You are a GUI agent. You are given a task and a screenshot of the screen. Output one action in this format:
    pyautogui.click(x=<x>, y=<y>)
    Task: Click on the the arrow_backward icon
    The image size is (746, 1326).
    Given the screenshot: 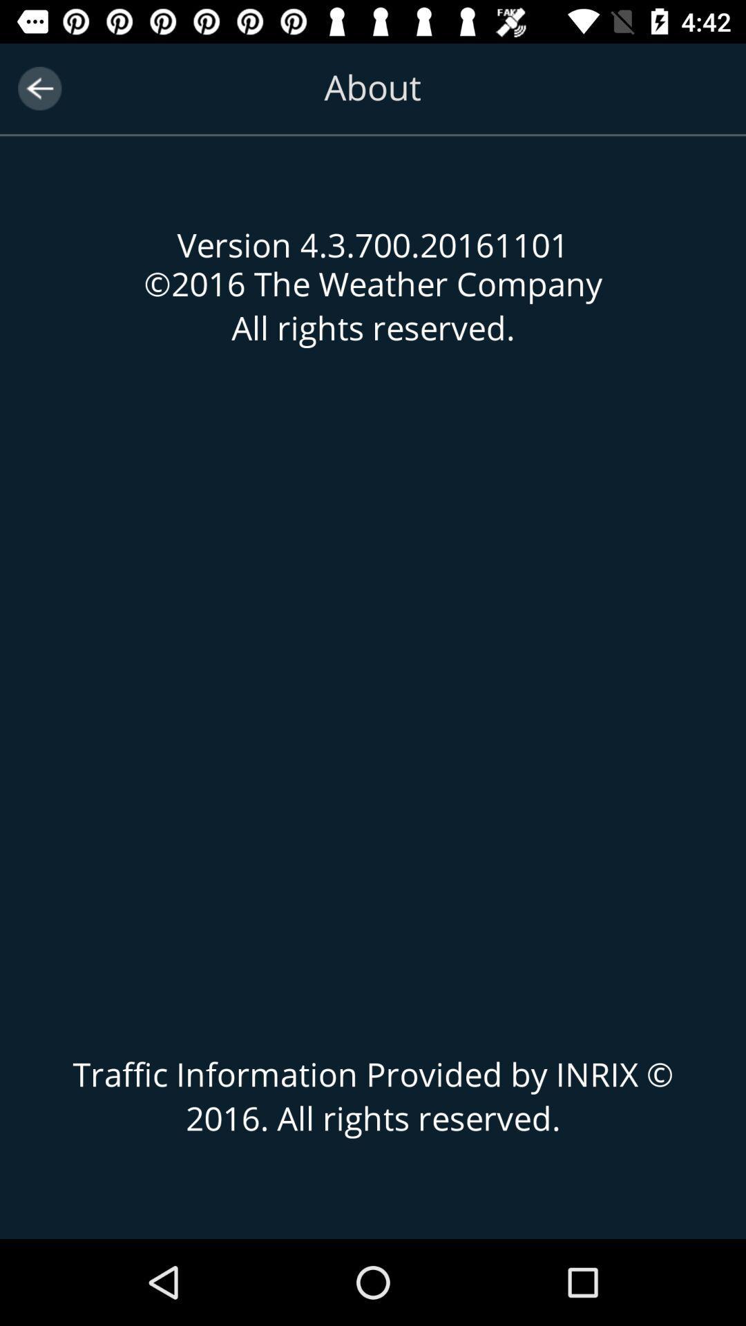 What is the action you would take?
    pyautogui.click(x=39, y=88)
    